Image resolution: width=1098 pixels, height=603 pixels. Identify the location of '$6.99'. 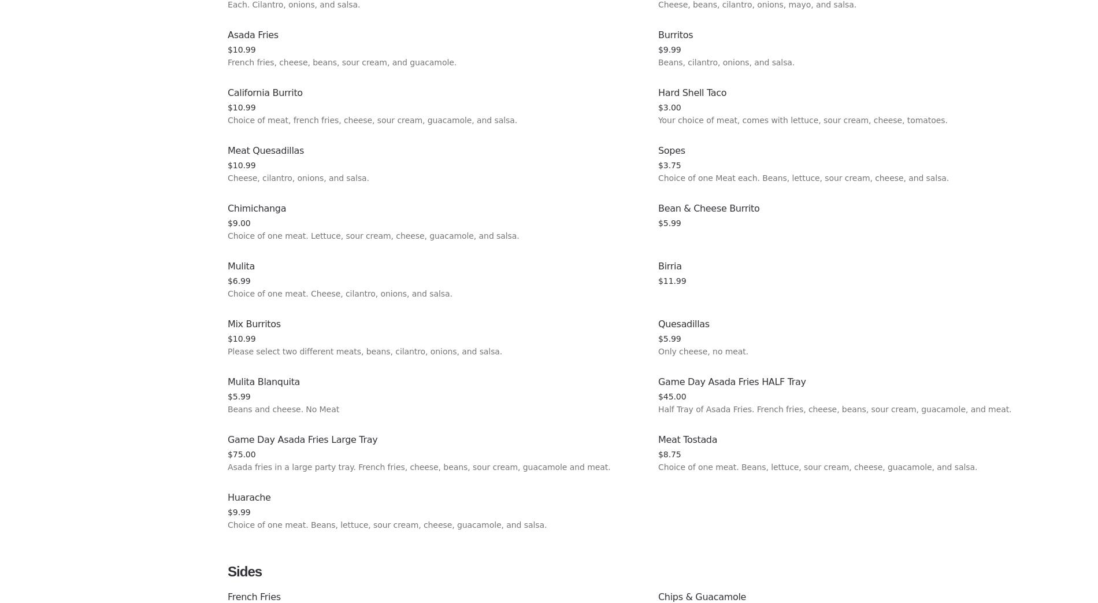
(238, 280).